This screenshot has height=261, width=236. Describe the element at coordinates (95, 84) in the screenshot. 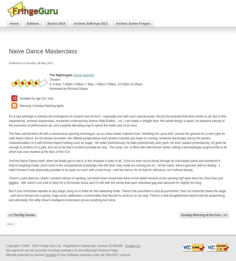

I see `'6, 8 May, 7:00pm-7:50pm; 7 May, 7:00pm-7:50pm, 10:15pm-11:05pm'` at that location.